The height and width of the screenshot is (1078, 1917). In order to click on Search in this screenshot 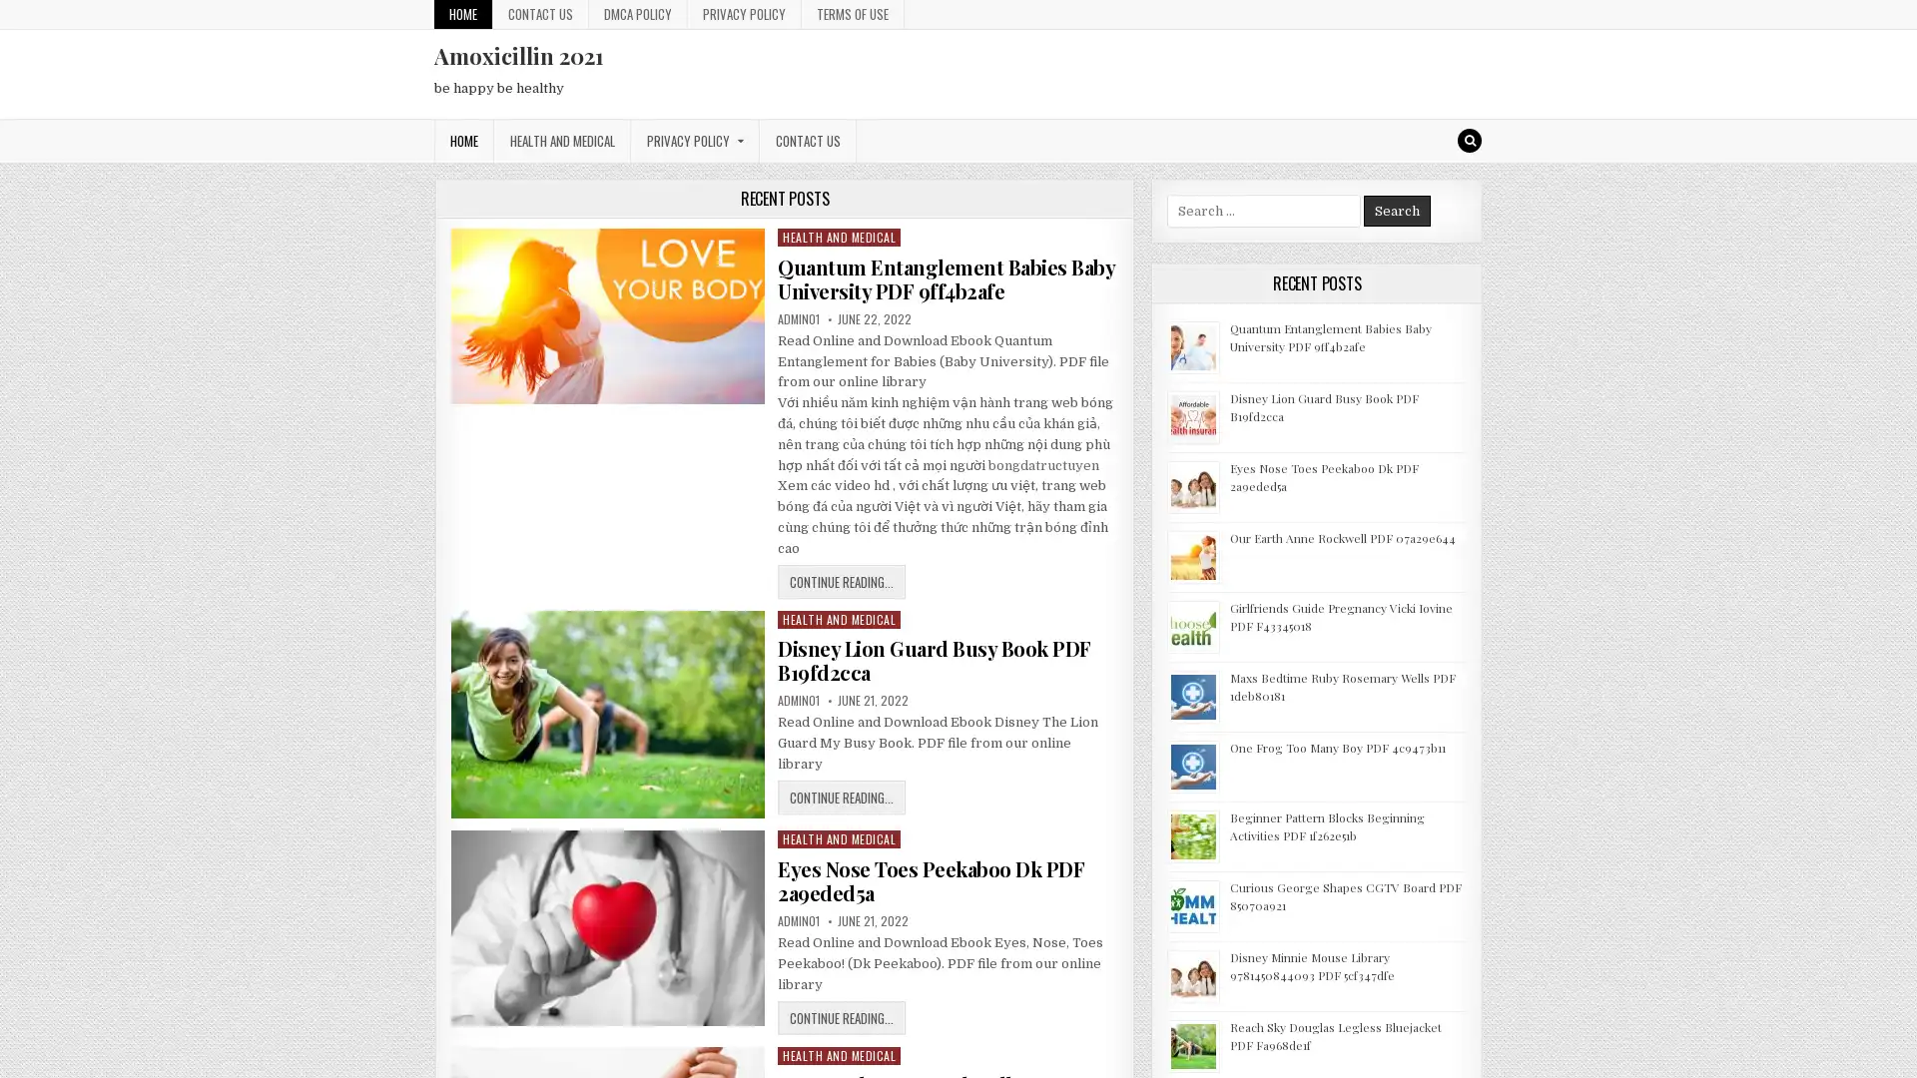, I will do `click(1396, 211)`.